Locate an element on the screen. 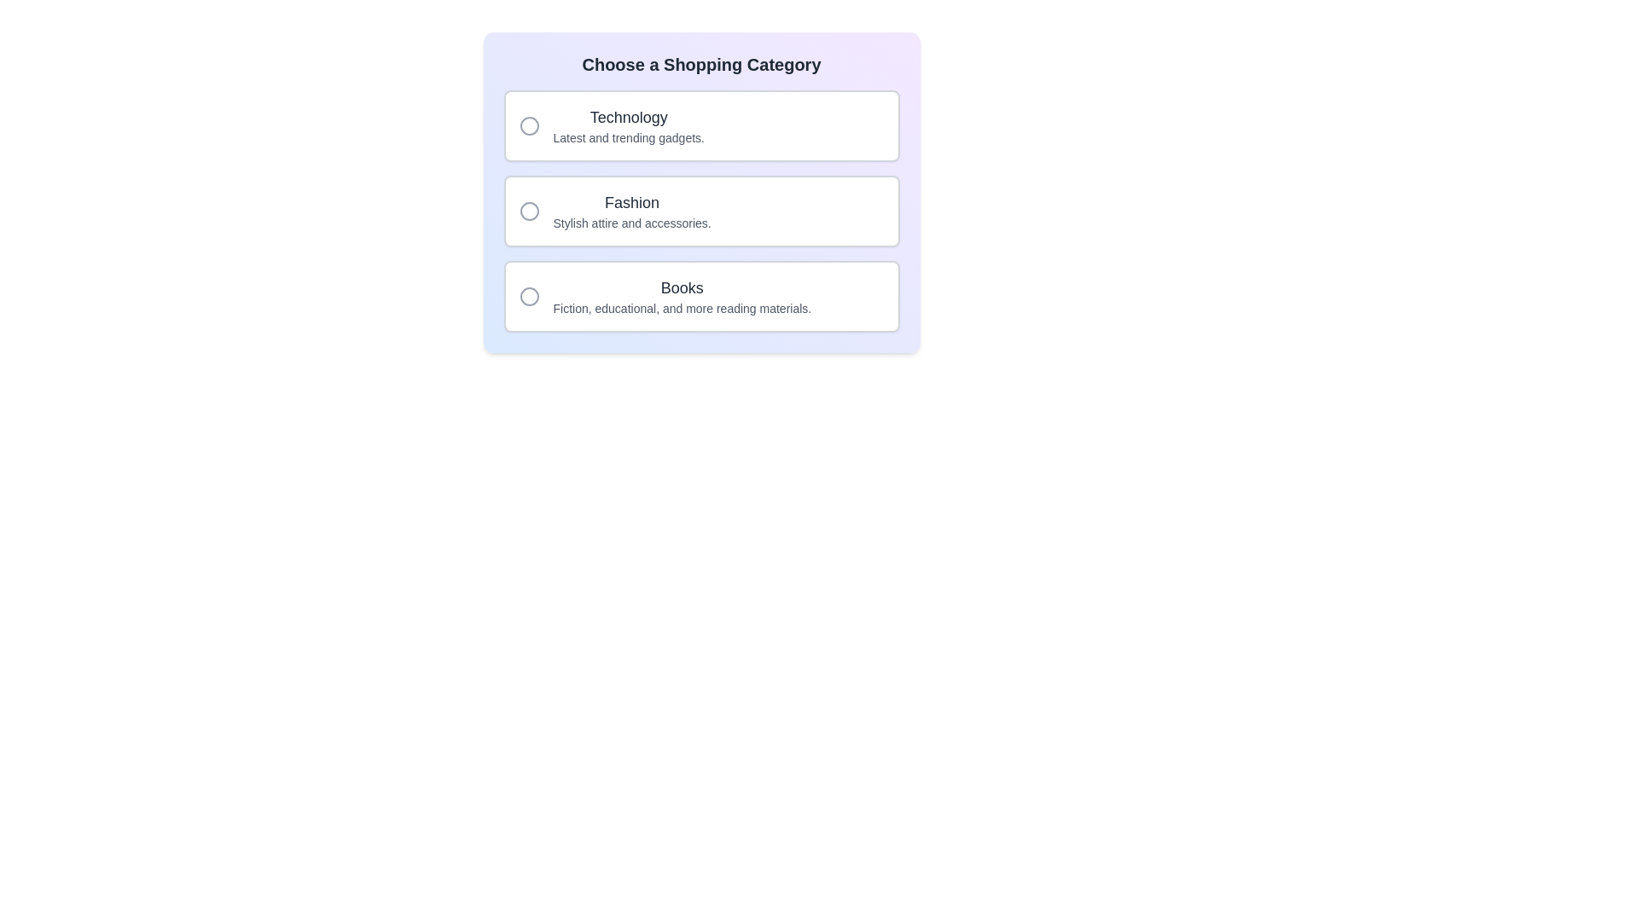 The width and height of the screenshot is (1638, 921). the circular shape of the radio button next to the 'Fashion' option to visualize interactivity is located at coordinates (528, 210).